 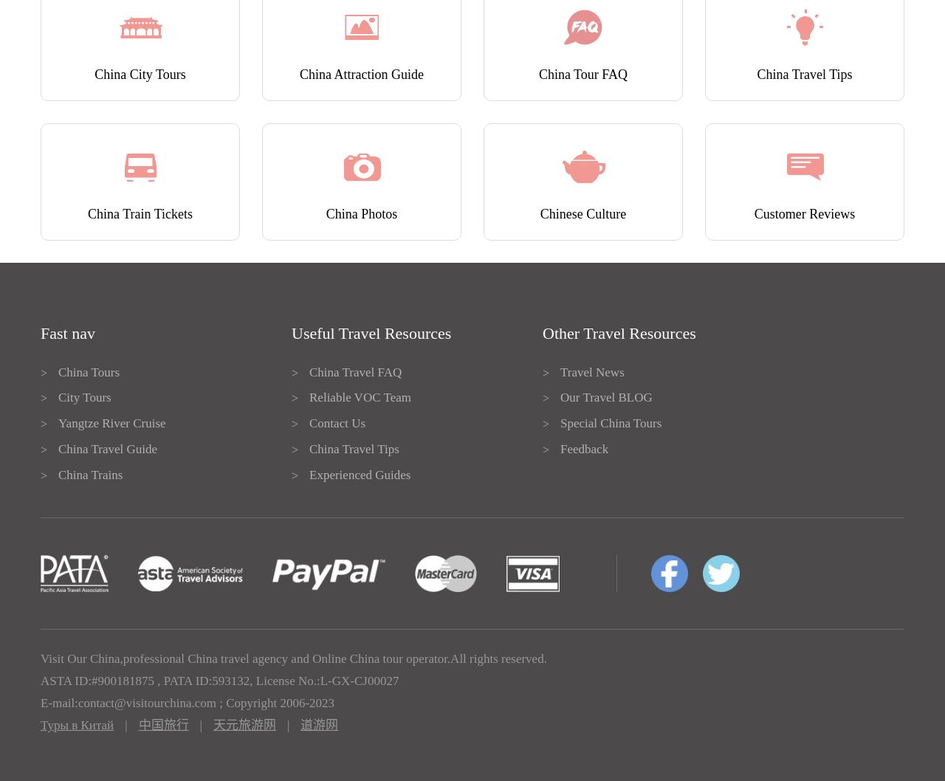 I want to click on 'Travel News', so click(x=592, y=371).